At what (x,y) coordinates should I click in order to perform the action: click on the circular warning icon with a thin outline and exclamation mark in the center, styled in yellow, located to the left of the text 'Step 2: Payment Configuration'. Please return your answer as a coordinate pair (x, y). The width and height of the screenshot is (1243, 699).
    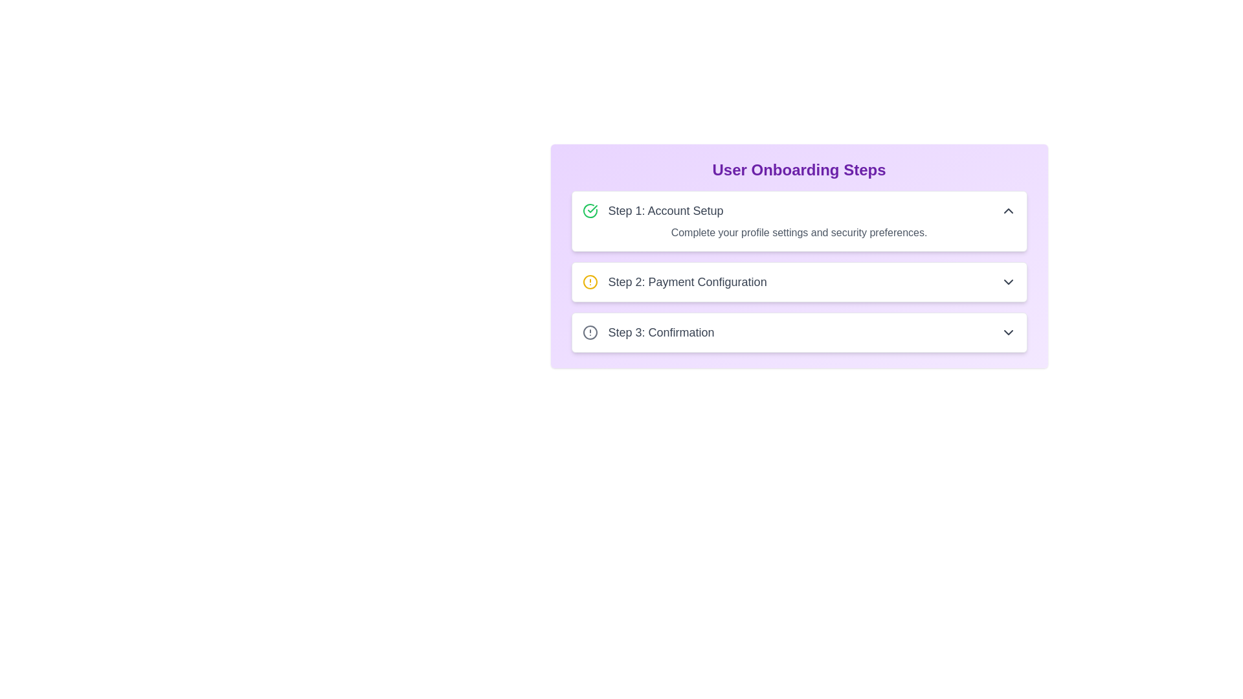
    Looking at the image, I should click on (589, 281).